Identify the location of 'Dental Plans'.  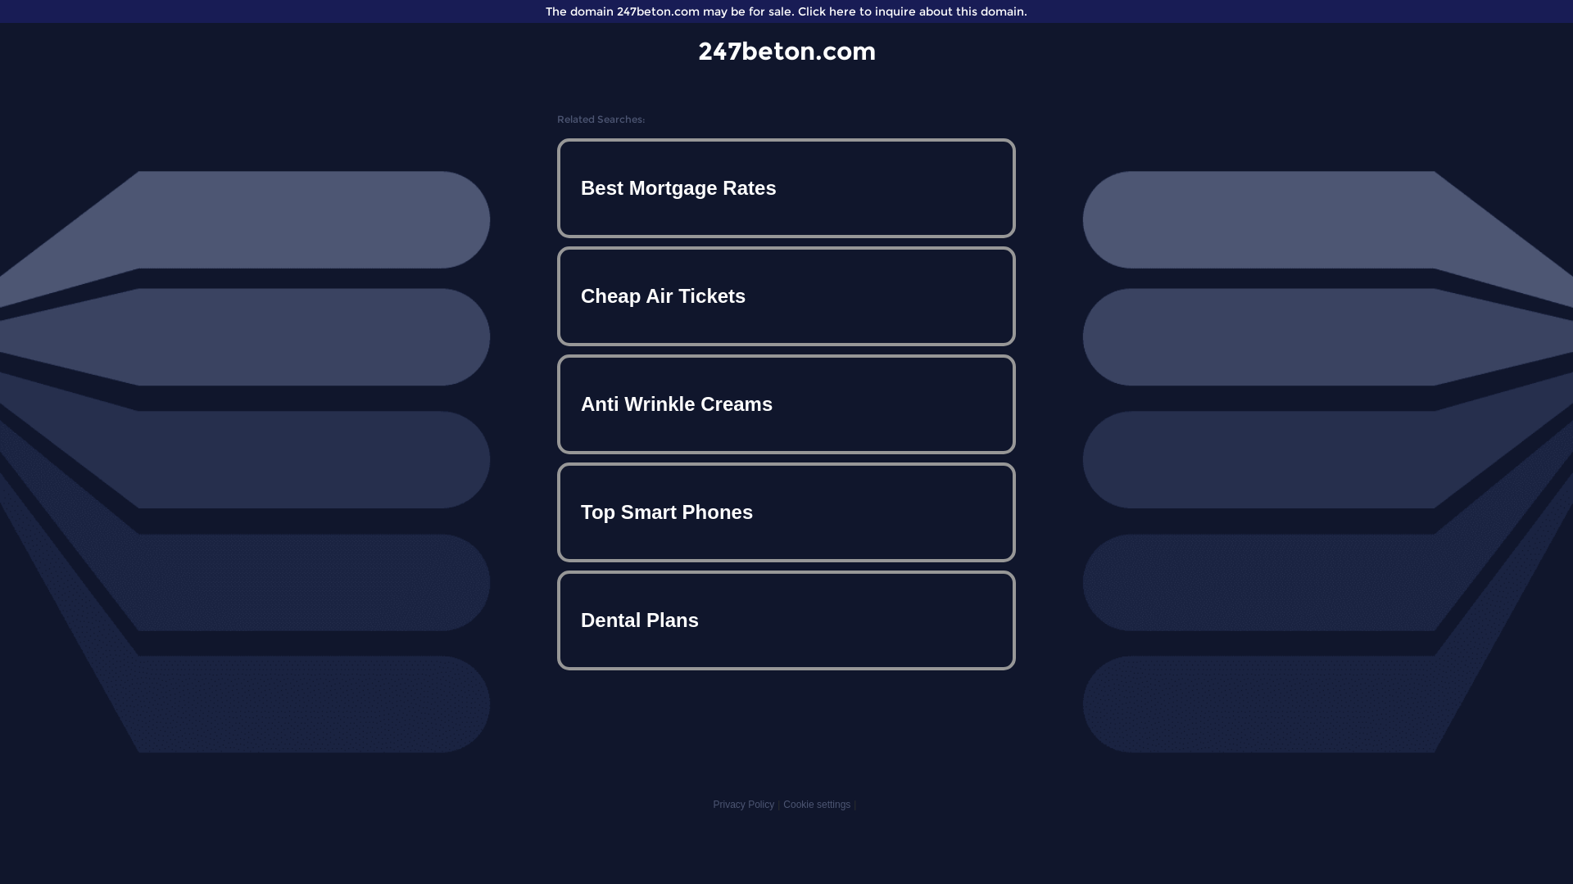
(786, 620).